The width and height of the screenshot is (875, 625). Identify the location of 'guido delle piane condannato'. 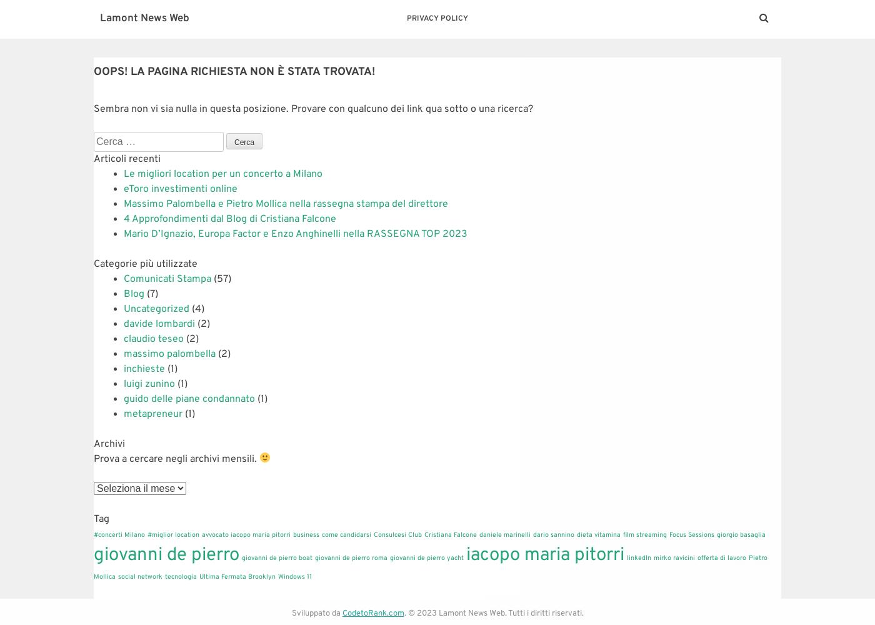
(189, 399).